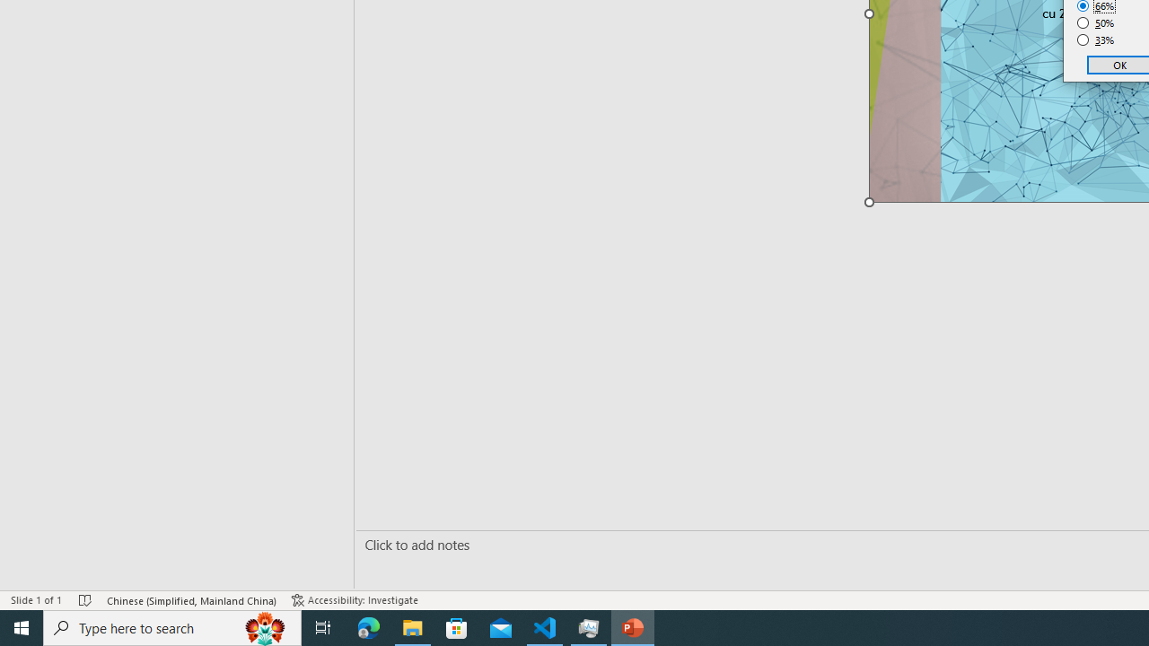  I want to click on 'PowerPoint - 1 running window', so click(633, 626).